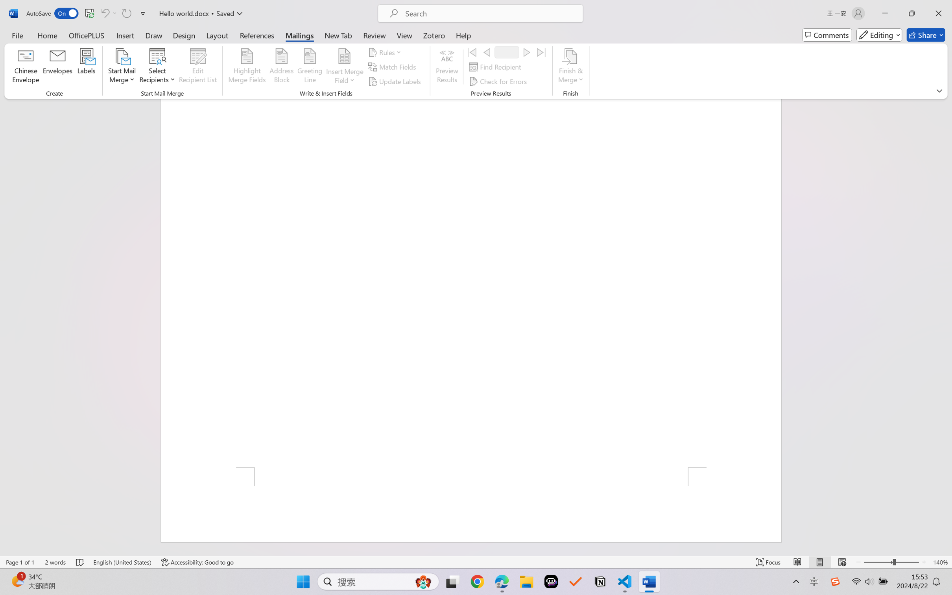  What do you see at coordinates (835, 582) in the screenshot?
I see `'Class: Image'` at bounding box center [835, 582].